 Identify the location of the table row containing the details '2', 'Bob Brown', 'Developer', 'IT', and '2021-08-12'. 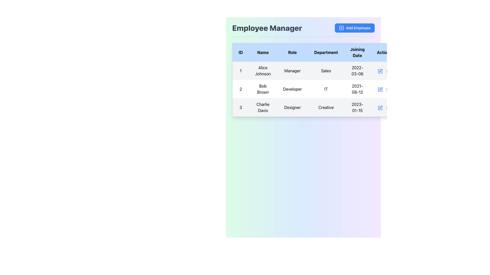
(315, 89).